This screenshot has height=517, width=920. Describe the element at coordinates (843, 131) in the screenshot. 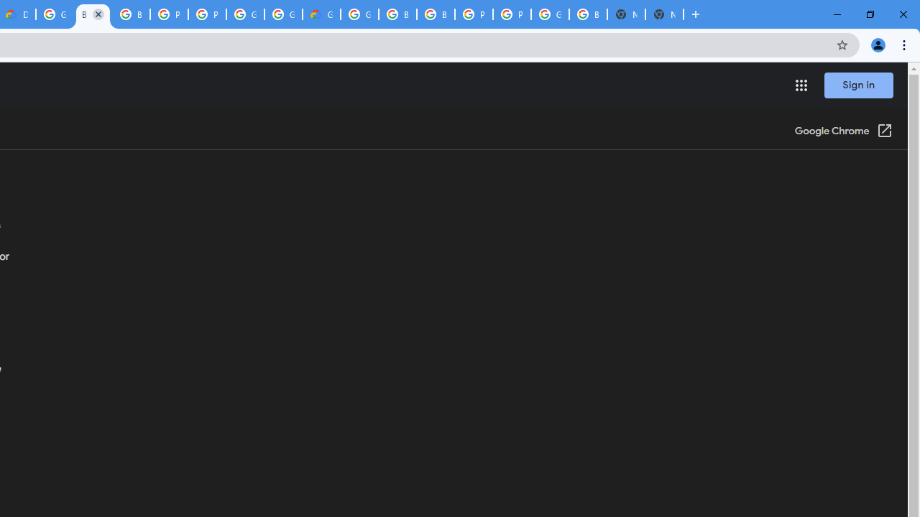

I see `'Google Chrome (Open in a new window)'` at that location.